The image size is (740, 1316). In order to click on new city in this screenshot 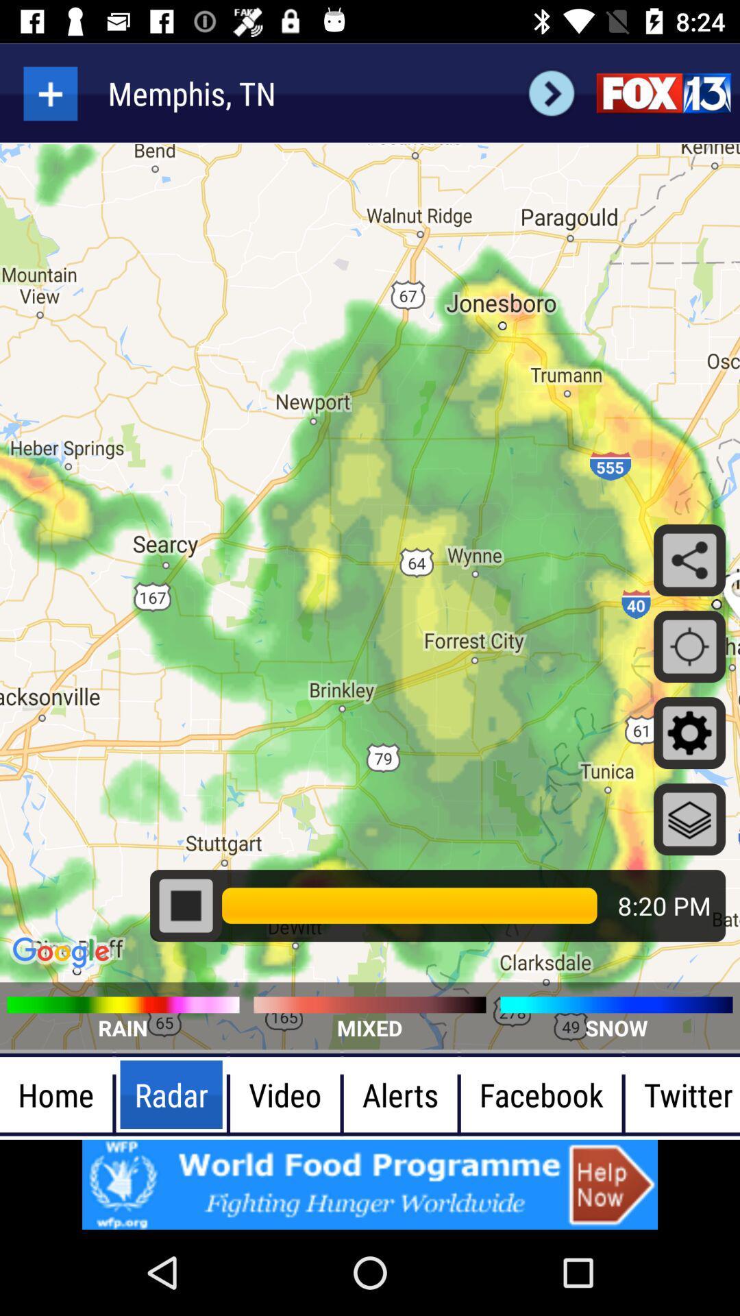, I will do `click(49, 93)`.